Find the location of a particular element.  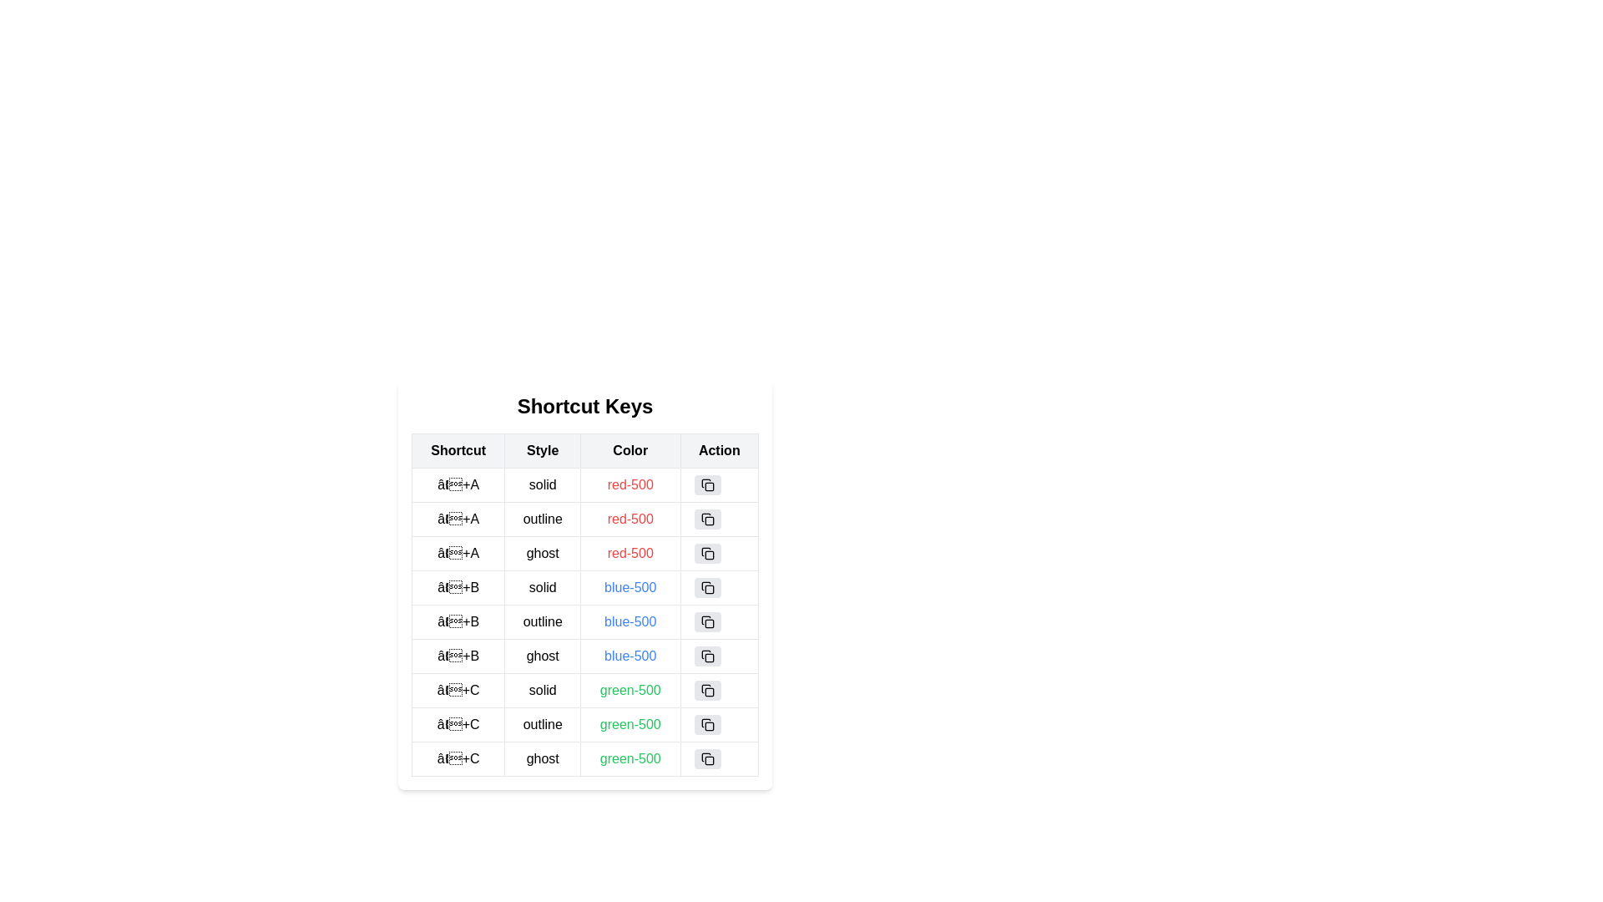

the rectangular icon component representing the copy action button located in the 'Action' column for the 'Ctrl+C solid green-500' entry is located at coordinates (709, 692).